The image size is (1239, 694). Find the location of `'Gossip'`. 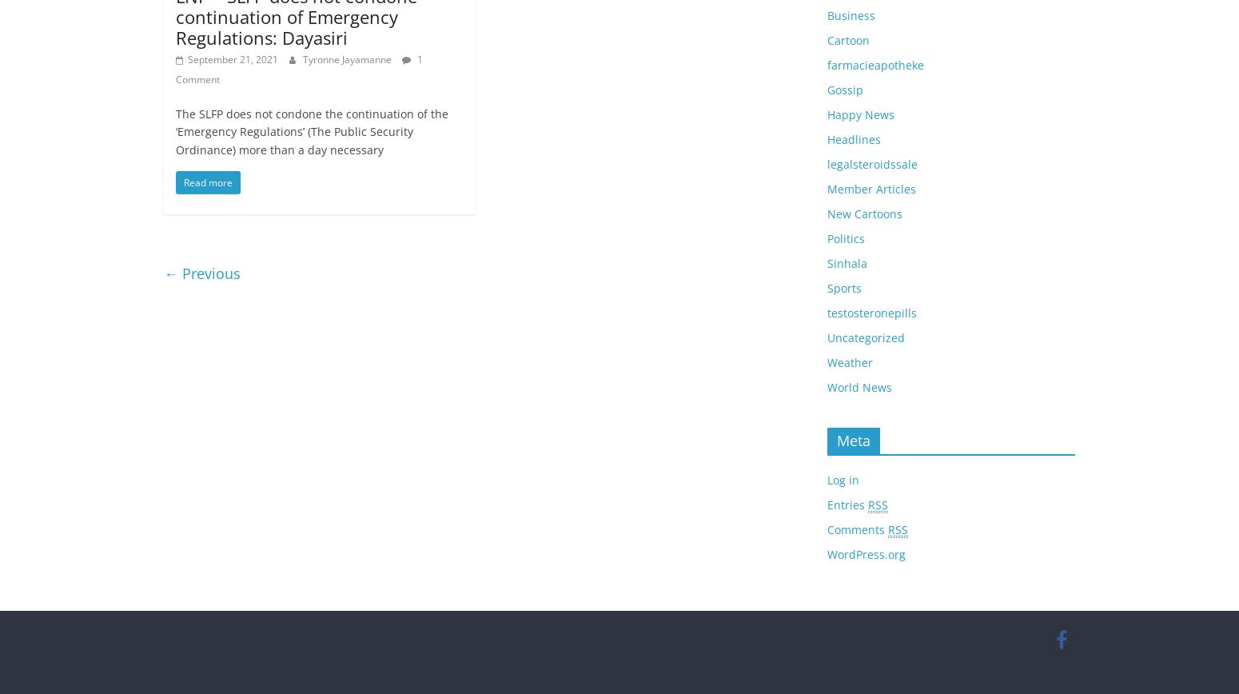

'Gossip' is located at coordinates (827, 89).